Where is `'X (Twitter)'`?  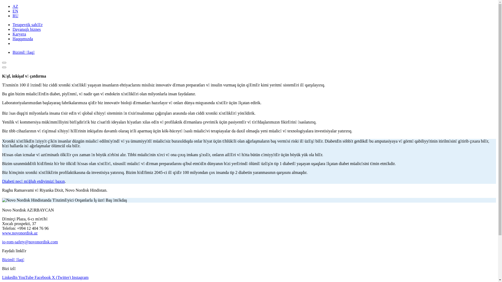 'X (Twitter)' is located at coordinates (62, 277).